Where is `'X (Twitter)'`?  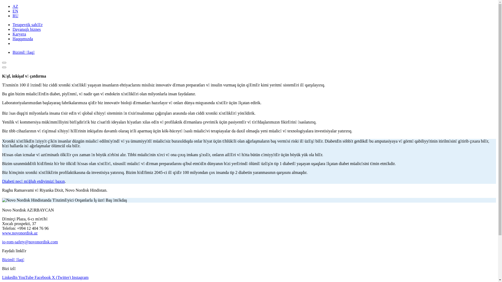 'X (Twitter)' is located at coordinates (62, 277).